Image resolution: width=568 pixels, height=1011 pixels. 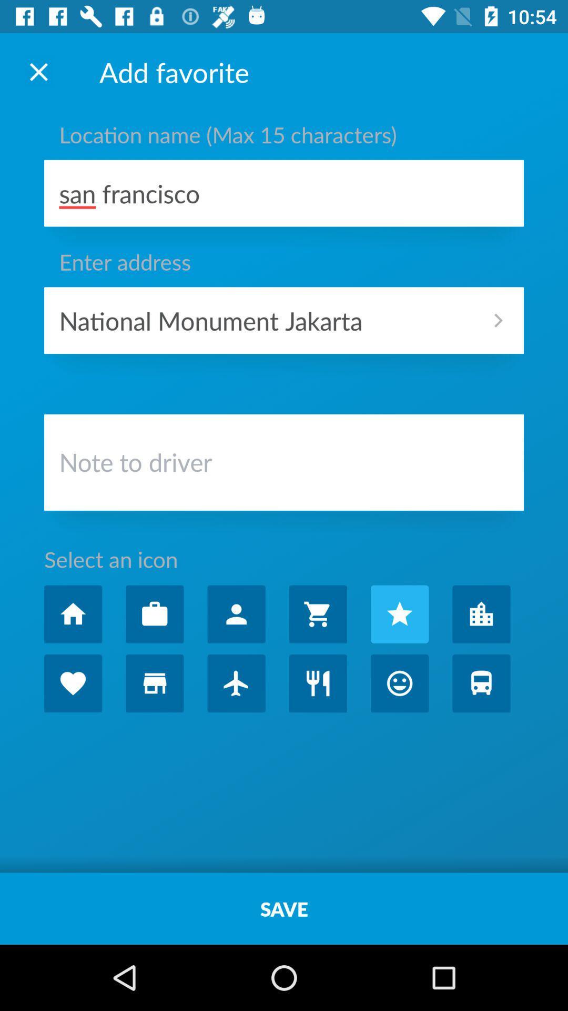 I want to click on note for this entry, so click(x=284, y=464).